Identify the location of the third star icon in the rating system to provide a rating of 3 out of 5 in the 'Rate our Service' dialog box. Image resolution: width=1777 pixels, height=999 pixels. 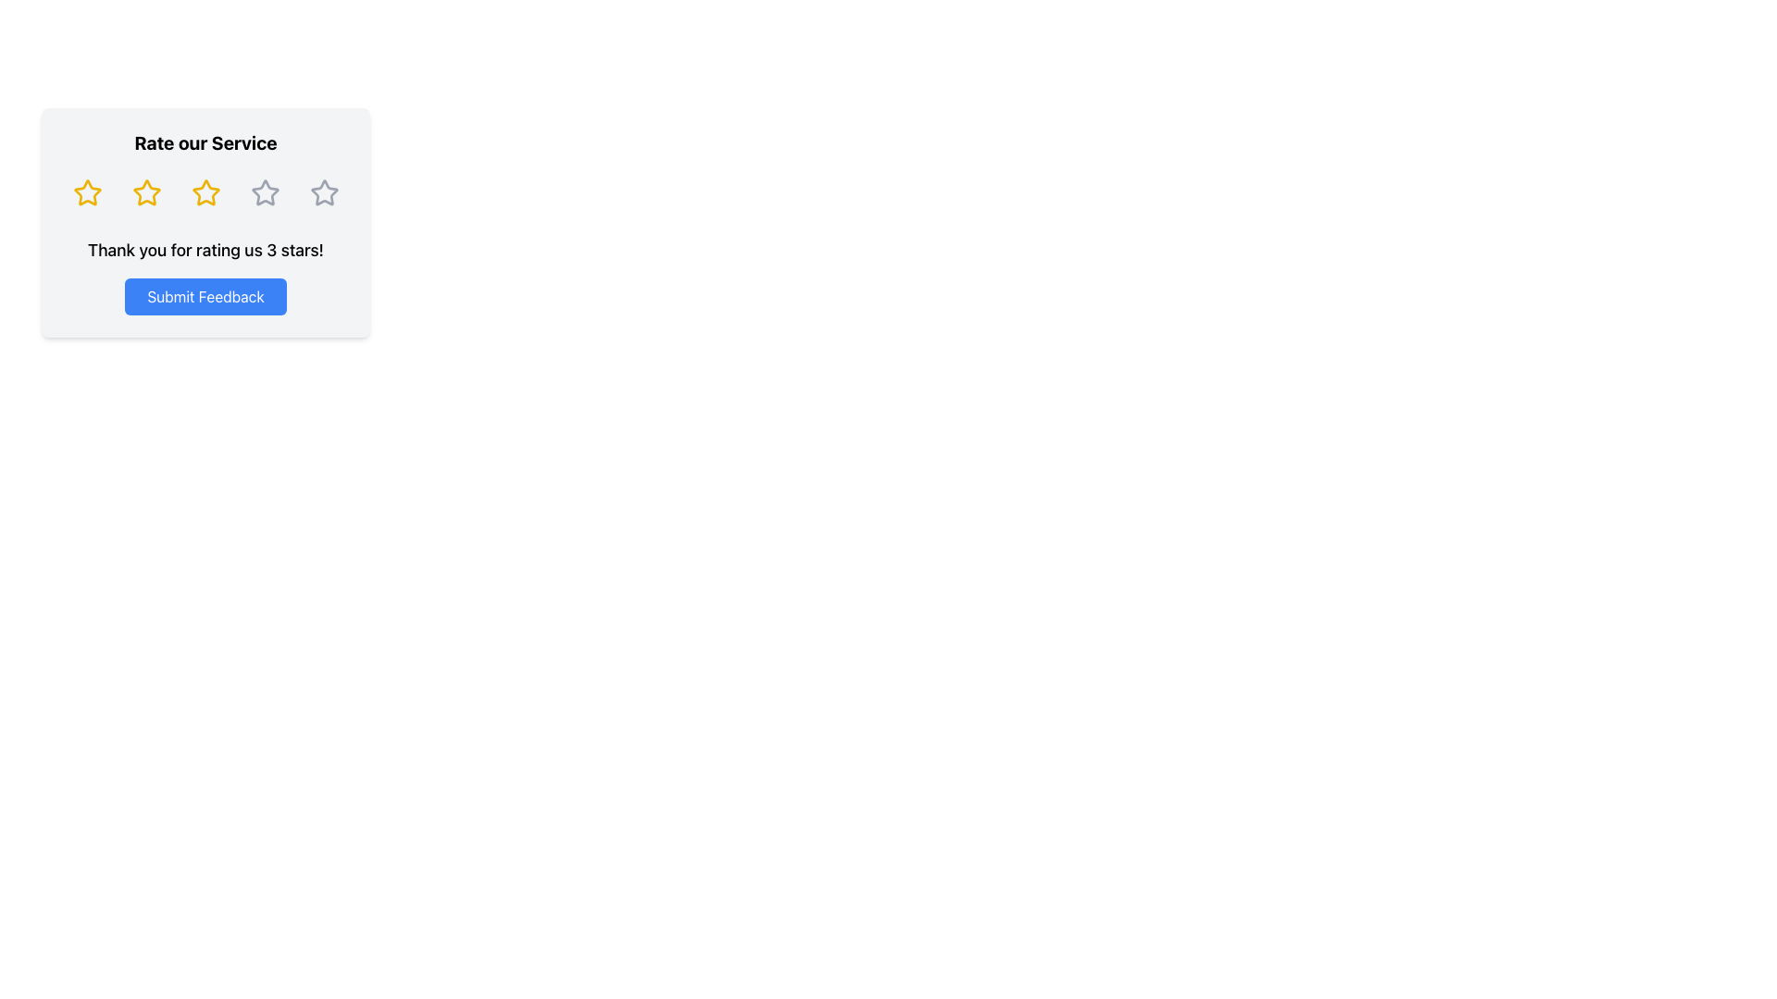
(205, 192).